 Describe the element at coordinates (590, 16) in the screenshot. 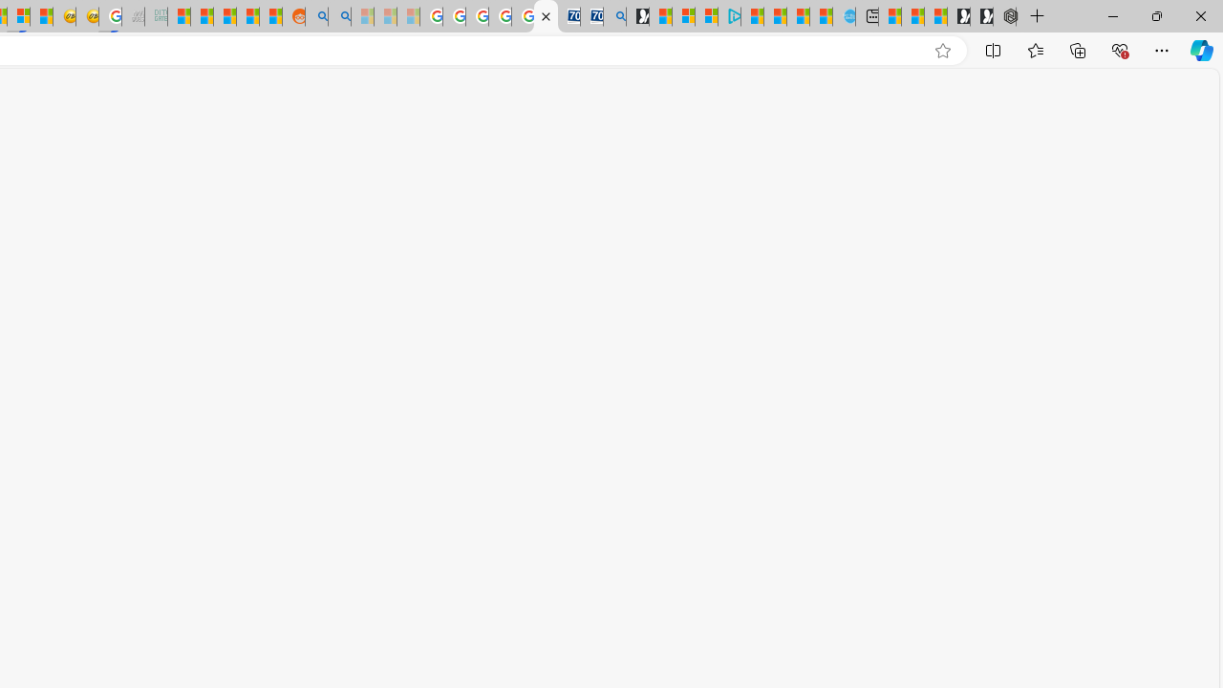

I see `'Cheap Car Rentals - Save70.com'` at that location.